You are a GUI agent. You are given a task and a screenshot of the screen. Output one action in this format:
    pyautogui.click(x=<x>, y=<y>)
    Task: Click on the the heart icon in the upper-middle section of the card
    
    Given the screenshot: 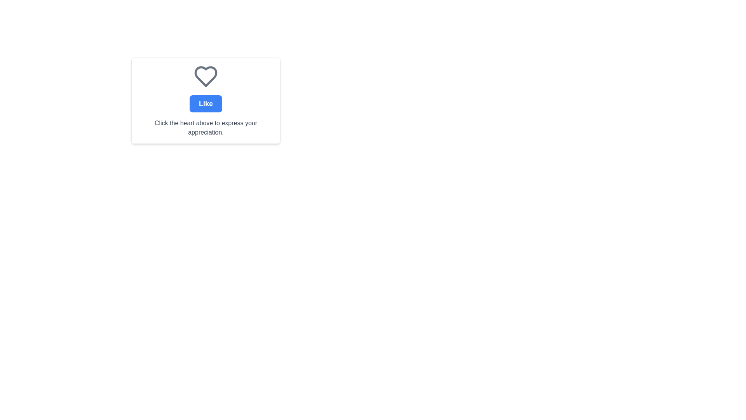 What is the action you would take?
    pyautogui.click(x=206, y=76)
    